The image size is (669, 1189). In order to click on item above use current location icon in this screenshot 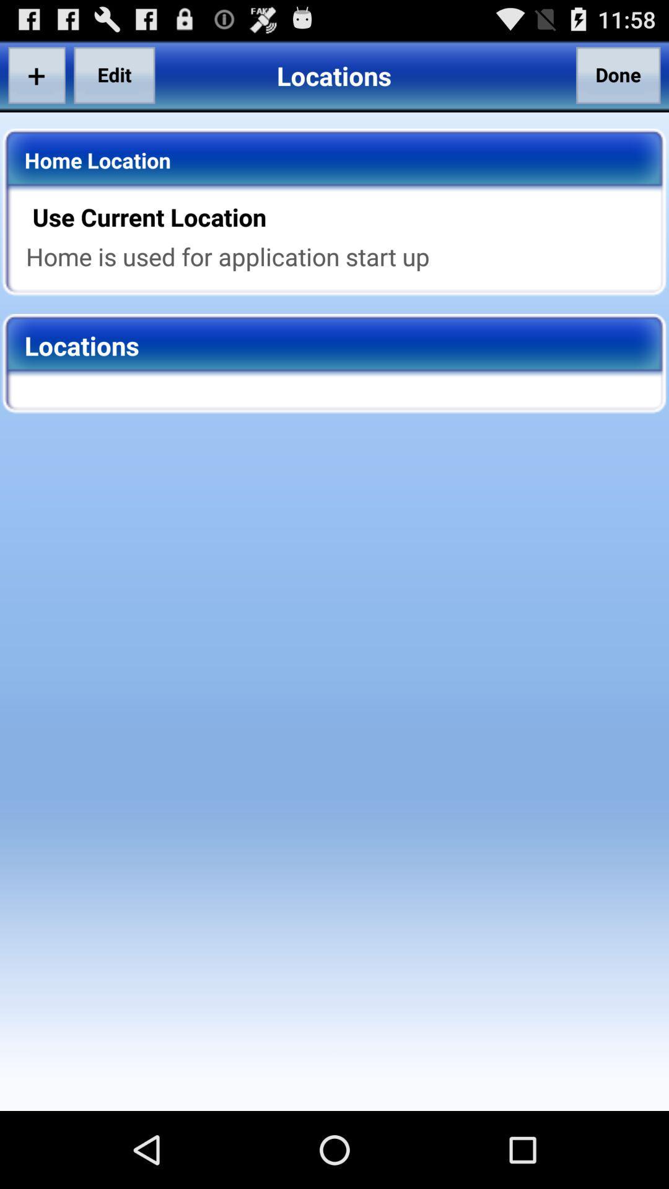, I will do `click(618, 74)`.